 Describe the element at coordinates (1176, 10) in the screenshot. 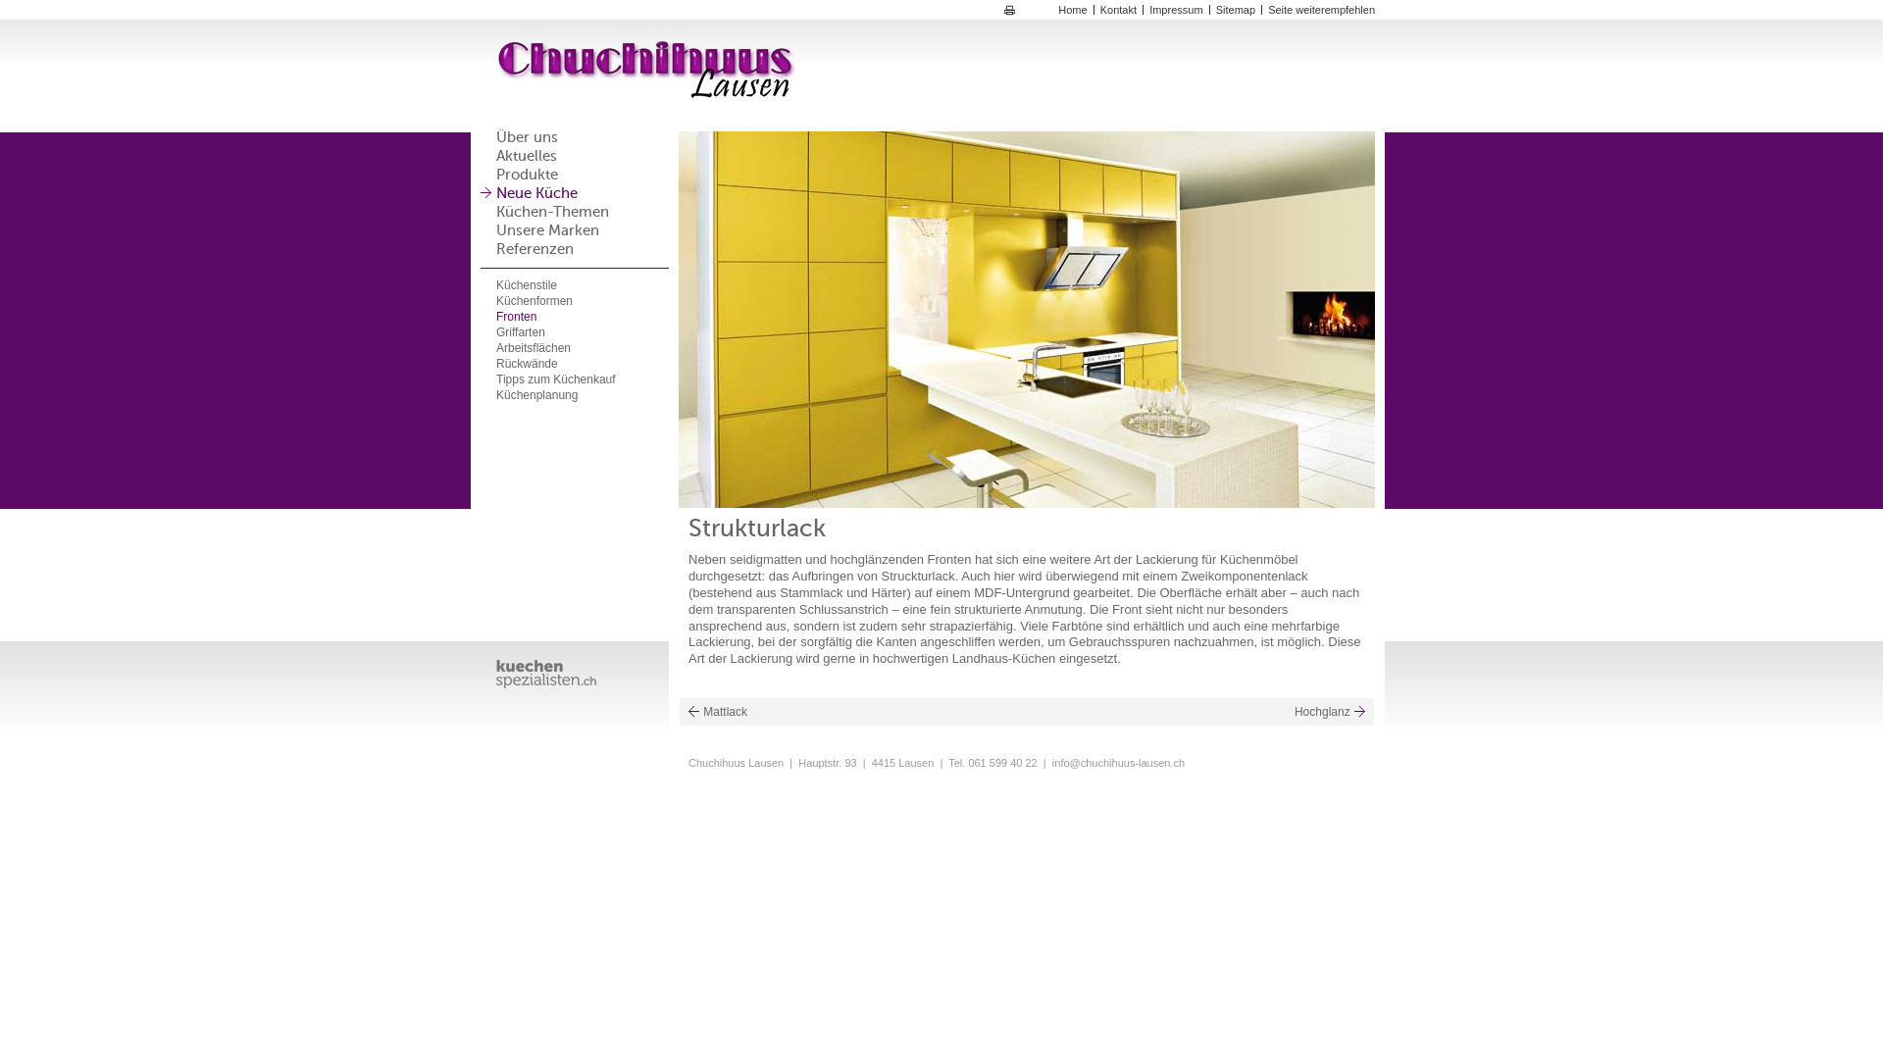

I see `'Impressum'` at that location.